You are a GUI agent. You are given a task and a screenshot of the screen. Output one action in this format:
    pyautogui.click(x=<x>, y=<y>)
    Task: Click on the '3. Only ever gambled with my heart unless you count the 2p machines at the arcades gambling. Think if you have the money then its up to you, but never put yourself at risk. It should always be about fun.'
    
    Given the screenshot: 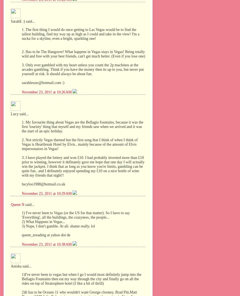 What is the action you would take?
    pyautogui.click(x=82, y=69)
    